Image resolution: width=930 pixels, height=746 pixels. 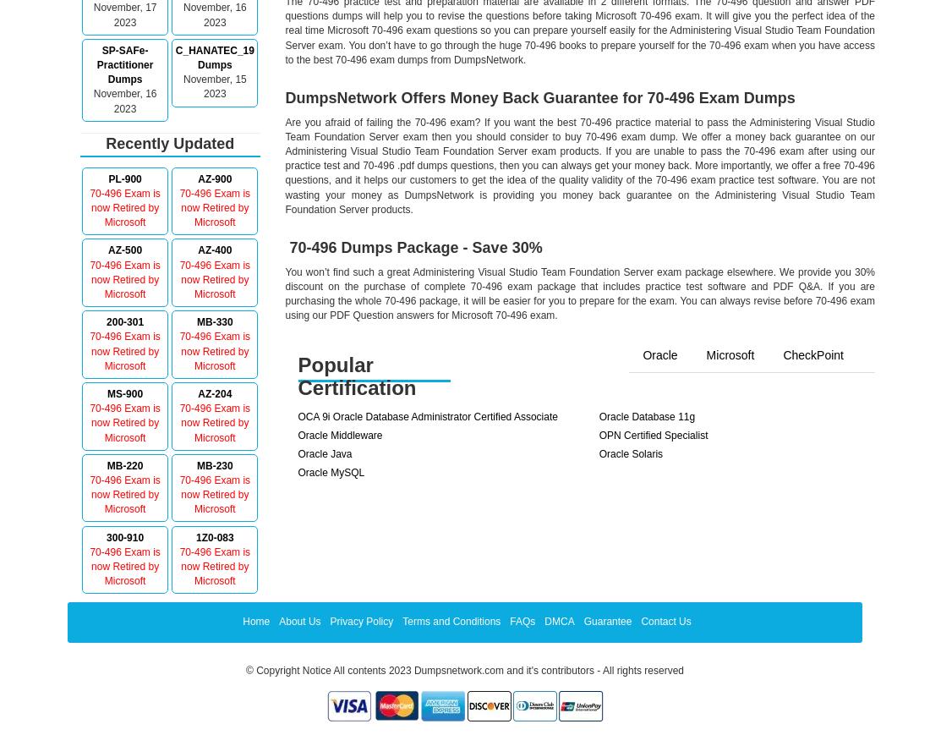 I want to click on 'FAQs', so click(x=521, y=620).